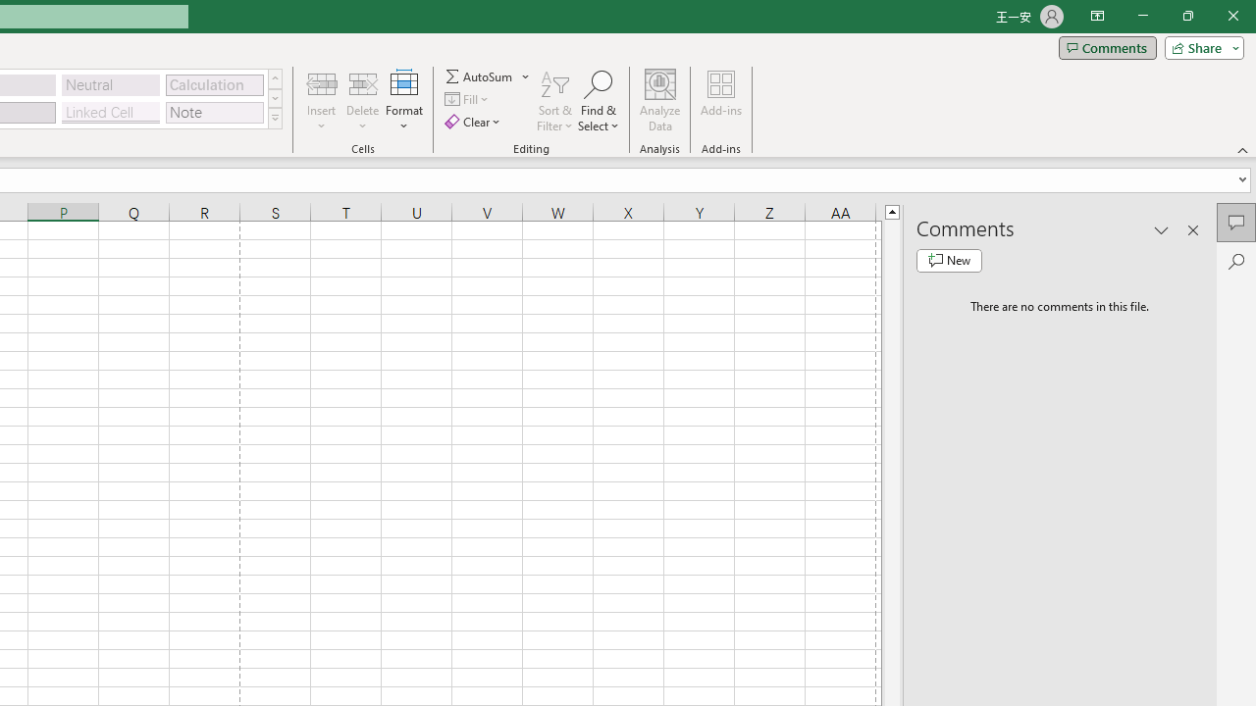 The height and width of the screenshot is (706, 1256). What do you see at coordinates (480, 76) in the screenshot?
I see `'Sum'` at bounding box center [480, 76].